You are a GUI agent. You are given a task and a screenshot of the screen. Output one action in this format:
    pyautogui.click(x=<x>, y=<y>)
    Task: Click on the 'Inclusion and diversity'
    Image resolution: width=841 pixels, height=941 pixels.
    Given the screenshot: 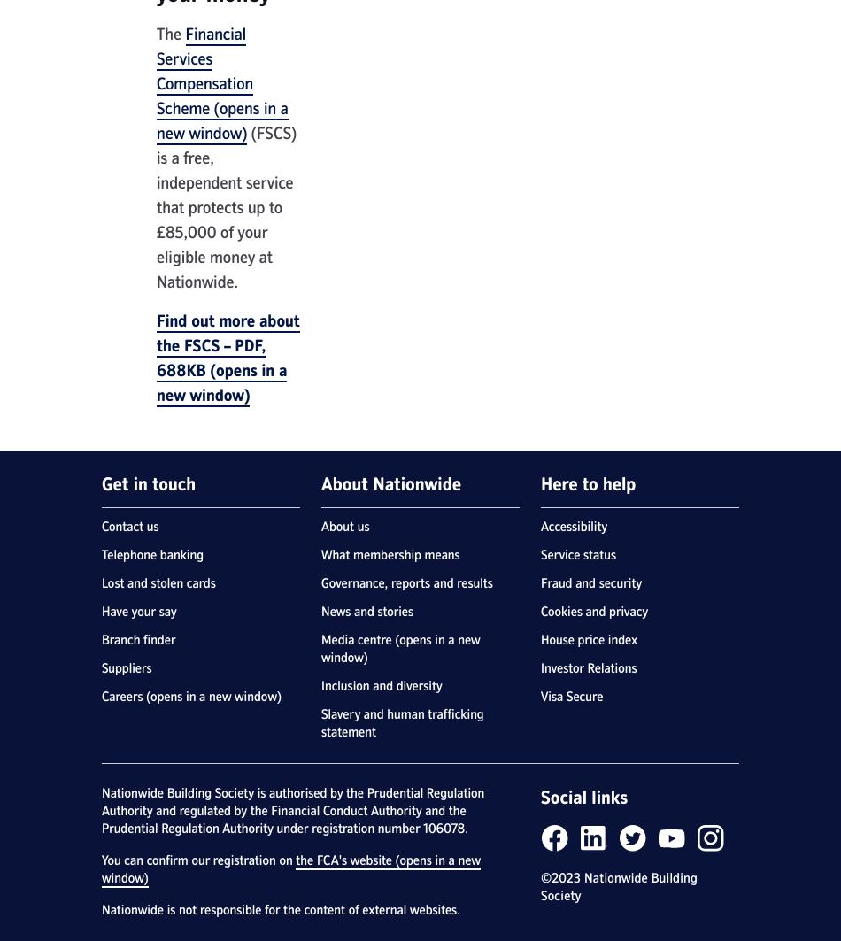 What is the action you would take?
    pyautogui.click(x=380, y=685)
    